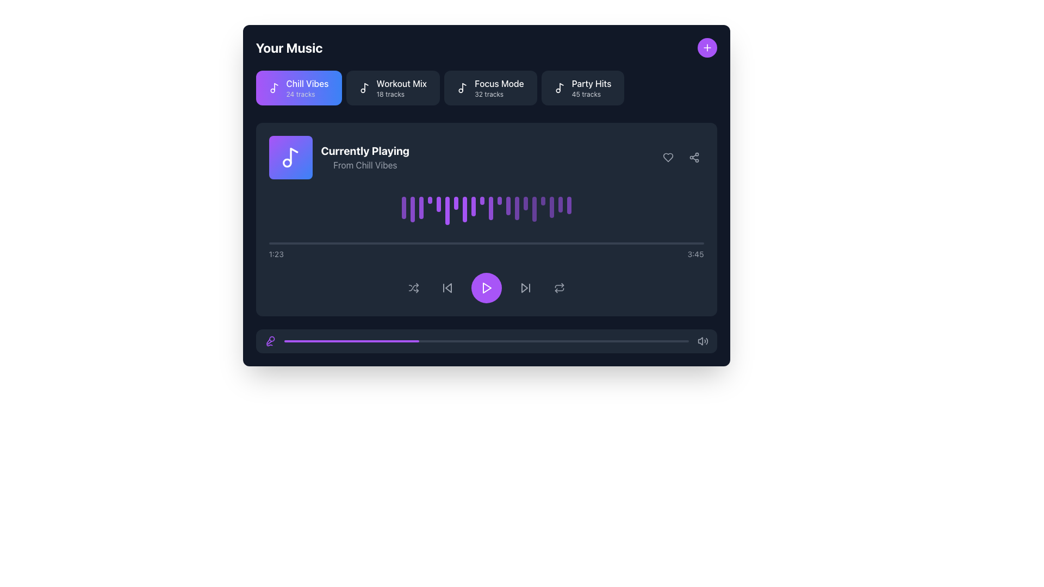 Image resolution: width=1044 pixels, height=587 pixels. What do you see at coordinates (351, 341) in the screenshot?
I see `the purple progress bar indicator located at the bottom panel of the music interface` at bounding box center [351, 341].